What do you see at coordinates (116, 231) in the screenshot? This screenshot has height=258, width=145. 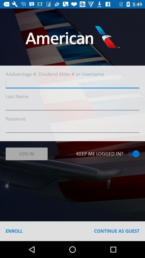 I see `item next to the enroll` at bounding box center [116, 231].